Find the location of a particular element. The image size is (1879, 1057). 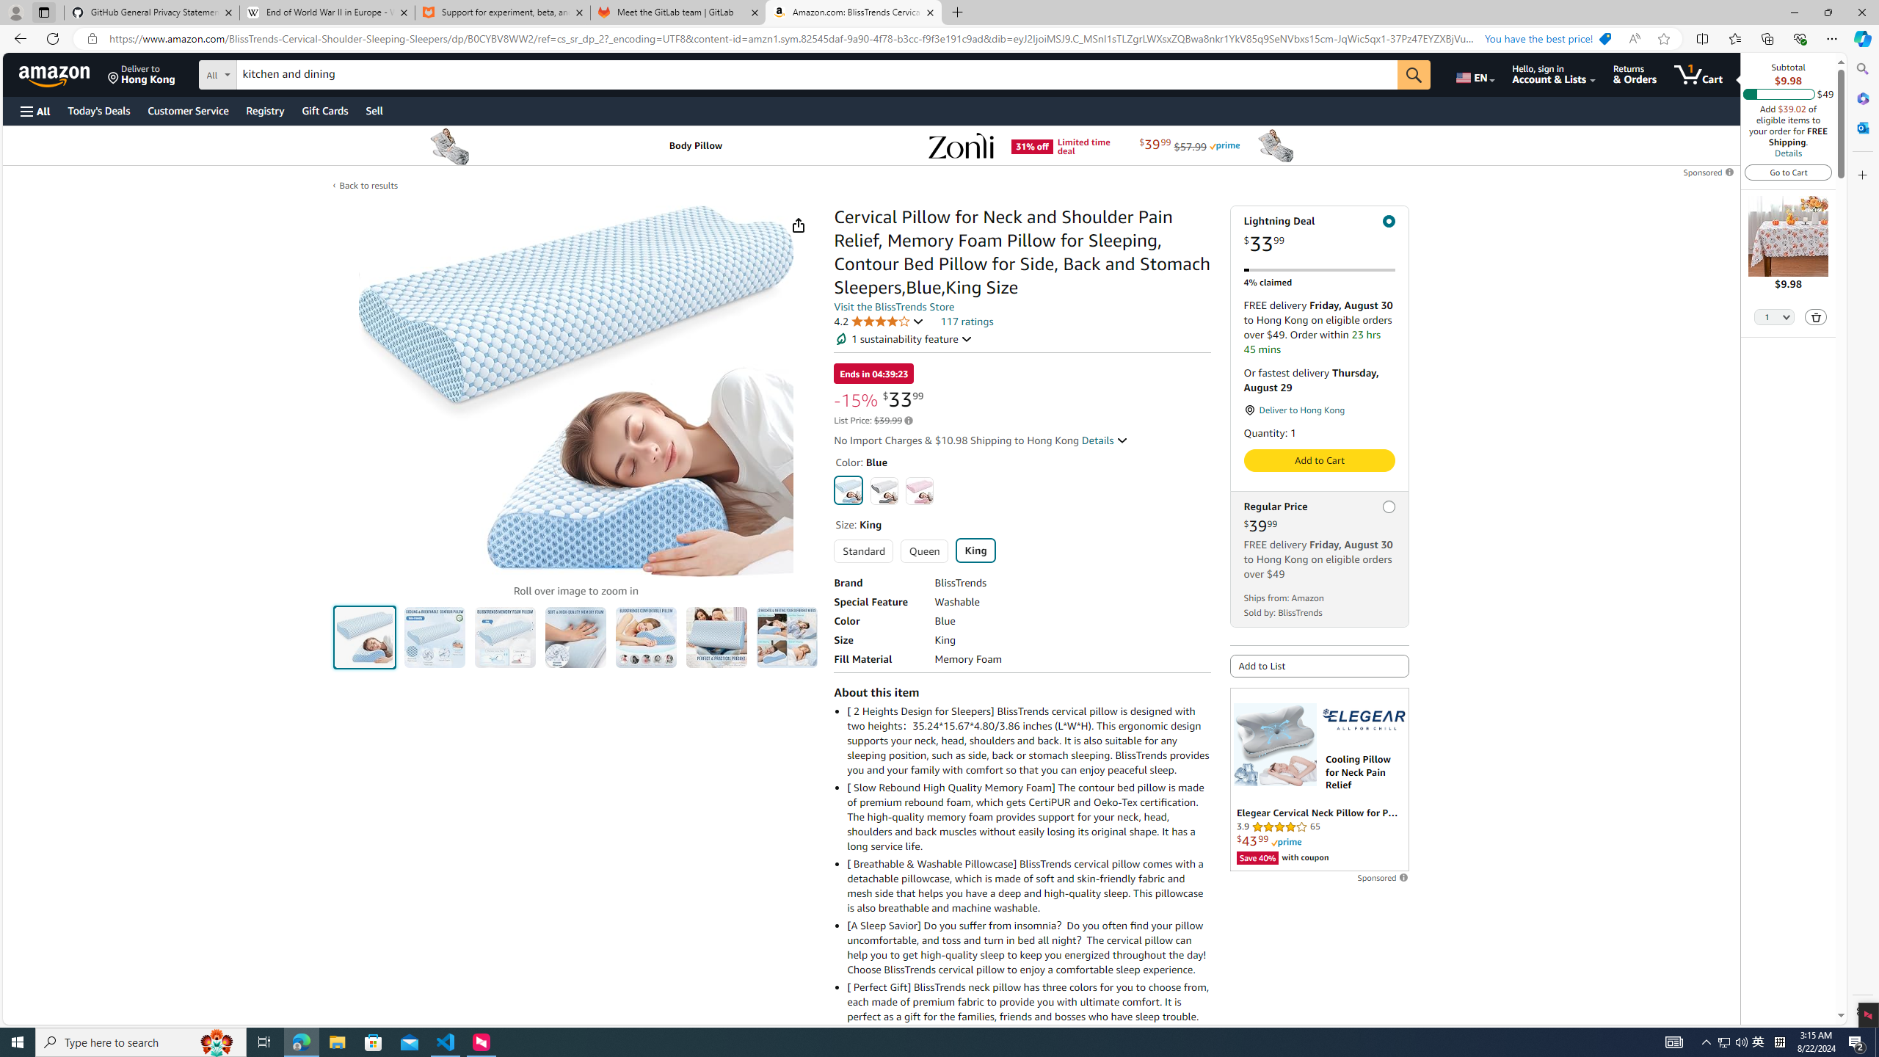

'You have the best price!' is located at coordinates (1547, 39).